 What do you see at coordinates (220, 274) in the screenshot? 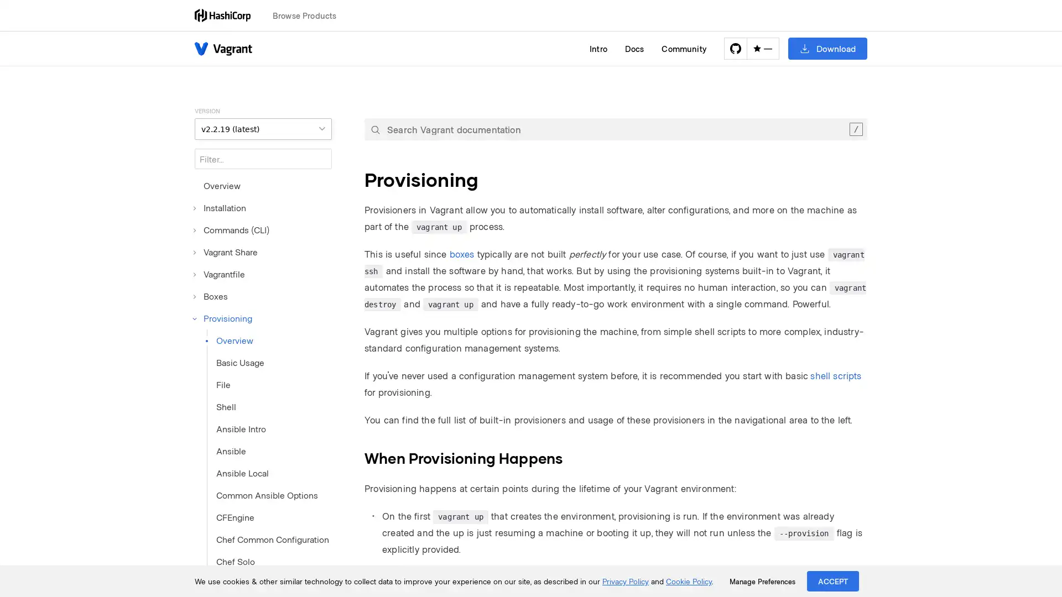
I see `Vagrantfile` at bounding box center [220, 274].